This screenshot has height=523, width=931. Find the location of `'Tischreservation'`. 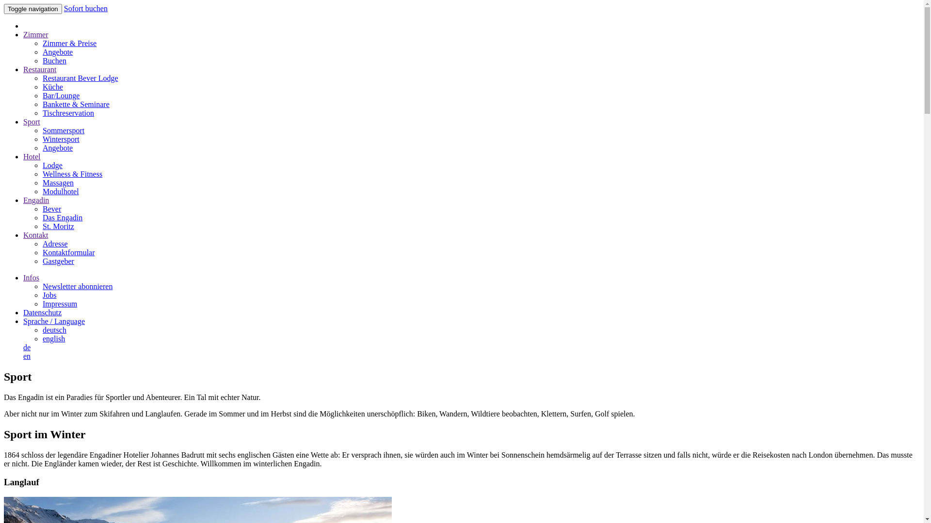

'Tischreservation' is located at coordinates (42, 112).